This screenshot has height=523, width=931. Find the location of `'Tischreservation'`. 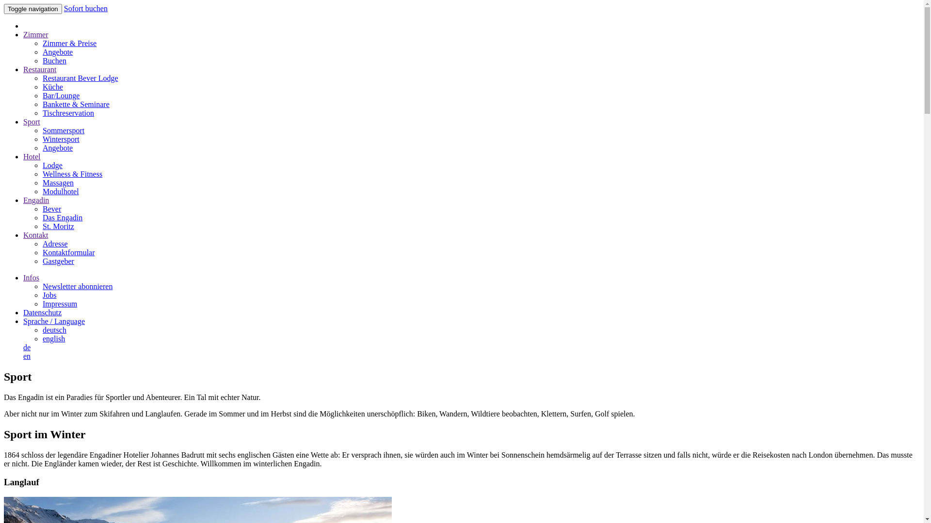

'Tischreservation' is located at coordinates (42, 112).